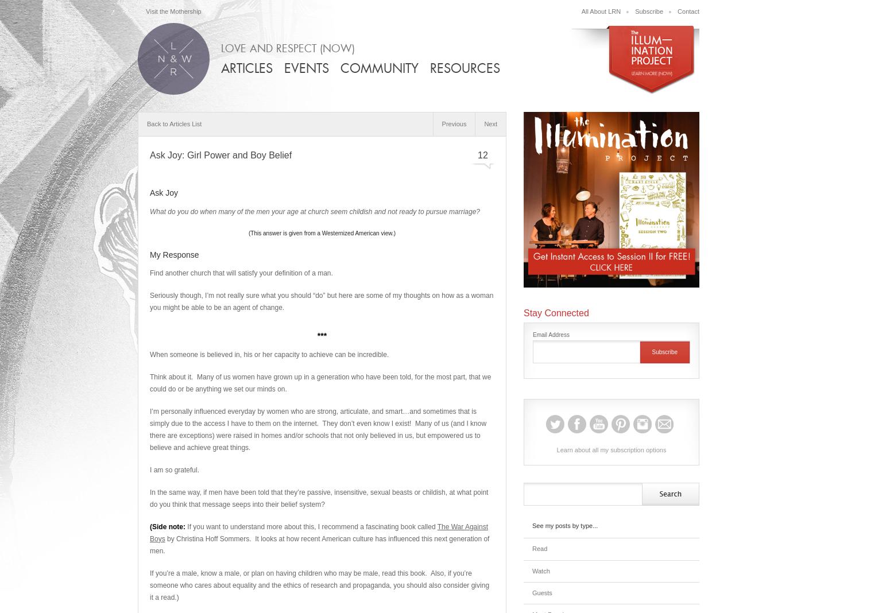 This screenshot has width=890, height=613. Describe the element at coordinates (174, 468) in the screenshot. I see `'I am so grateful.'` at that location.